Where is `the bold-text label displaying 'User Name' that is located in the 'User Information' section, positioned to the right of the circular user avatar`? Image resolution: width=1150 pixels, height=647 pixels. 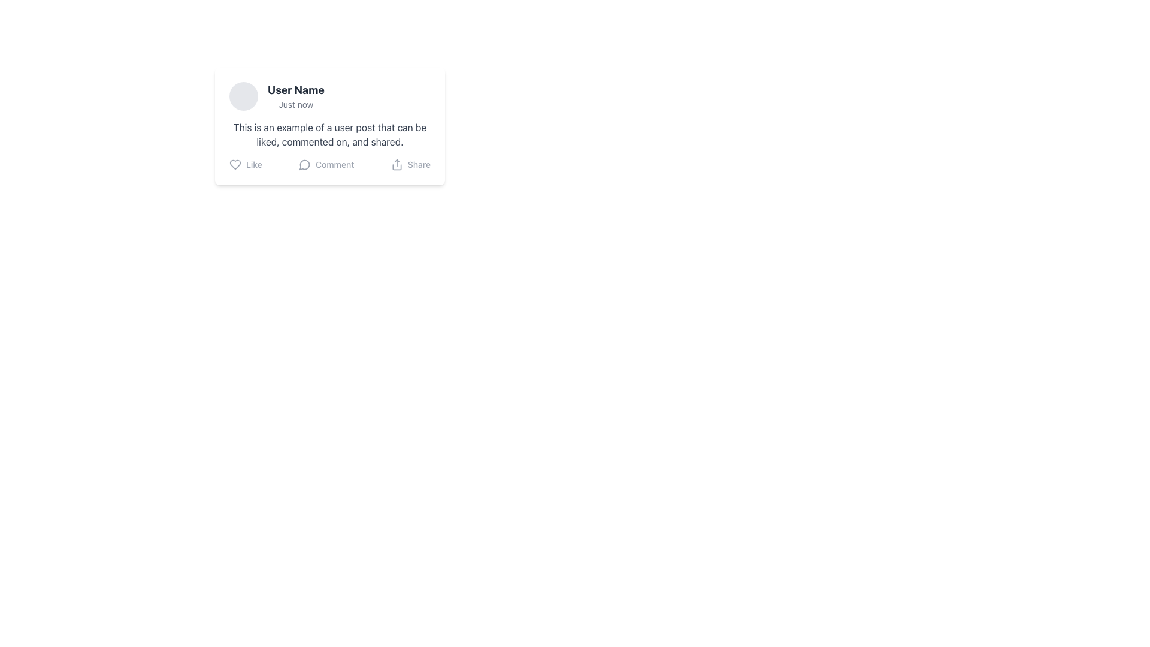 the bold-text label displaying 'User Name' that is located in the 'User Information' section, positioned to the right of the circular user avatar is located at coordinates (296, 89).